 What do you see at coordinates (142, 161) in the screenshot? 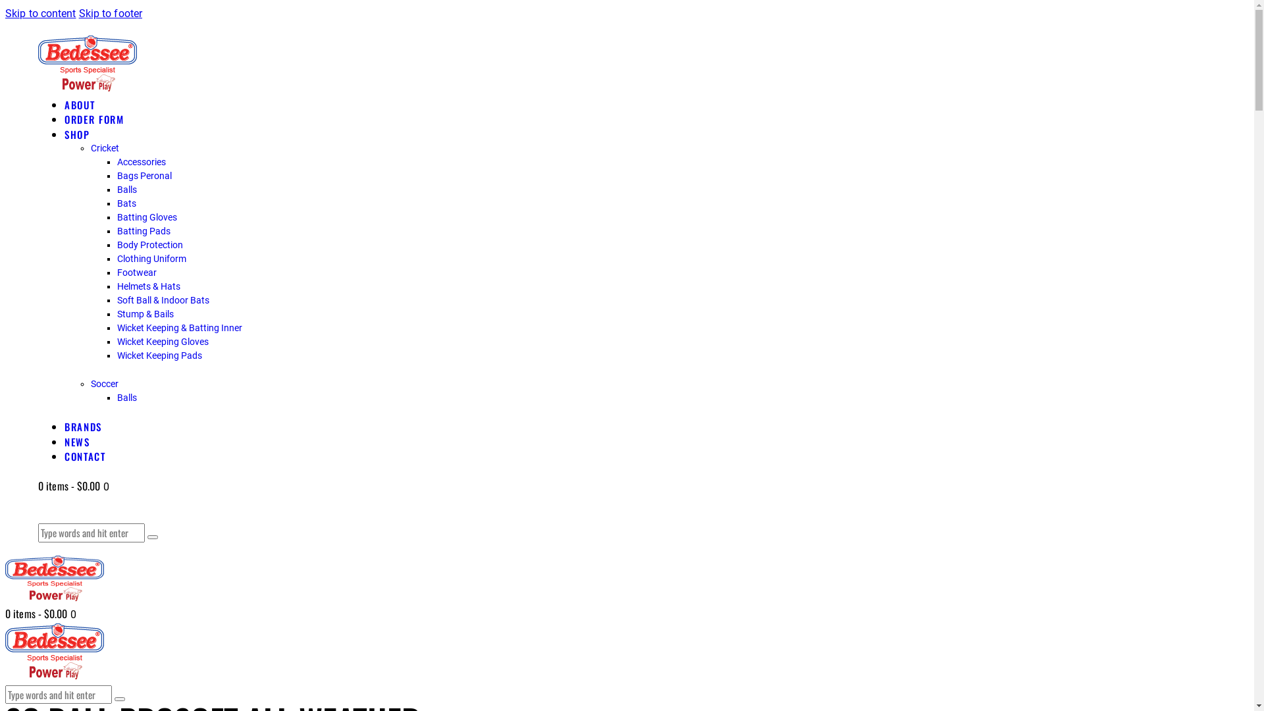
I see `'Accessories'` at bounding box center [142, 161].